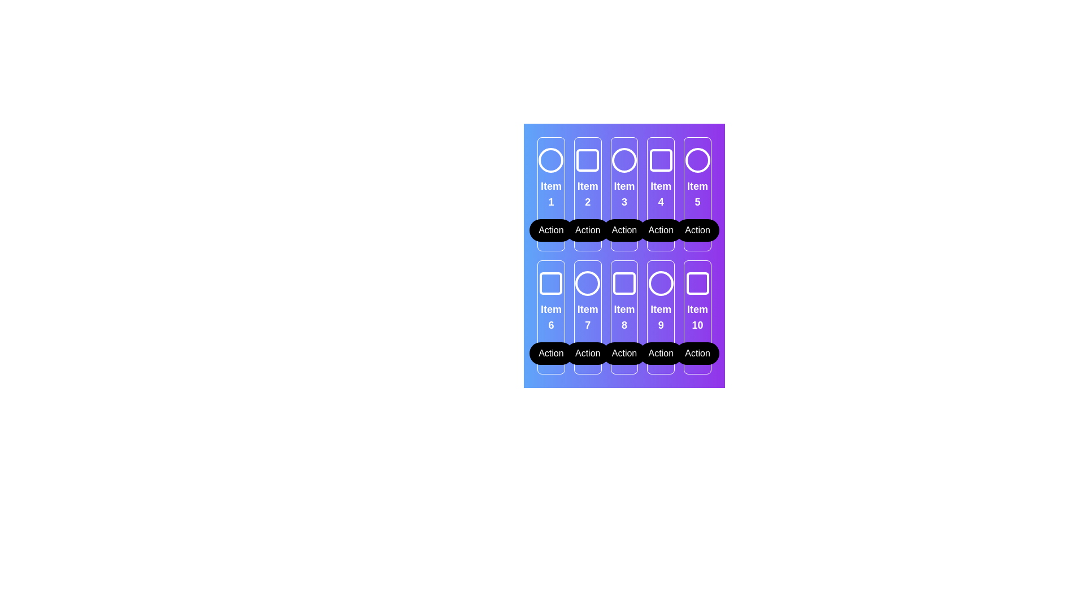 The image size is (1085, 610). I want to click on the button labeled 'Action' on the interactive Card located in the first row, fourth column of the grid layout, so click(661, 193).